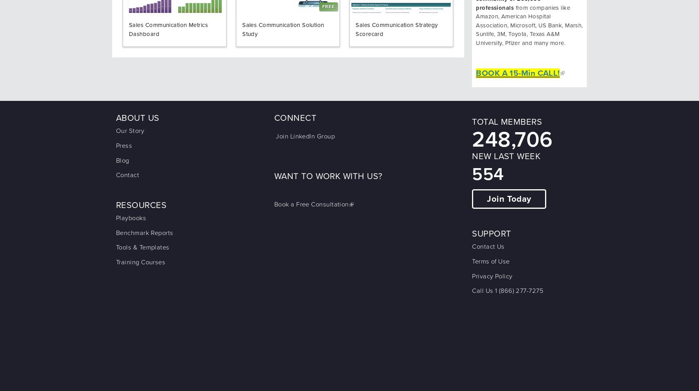  I want to click on 'Book a Free Consultation', so click(311, 204).